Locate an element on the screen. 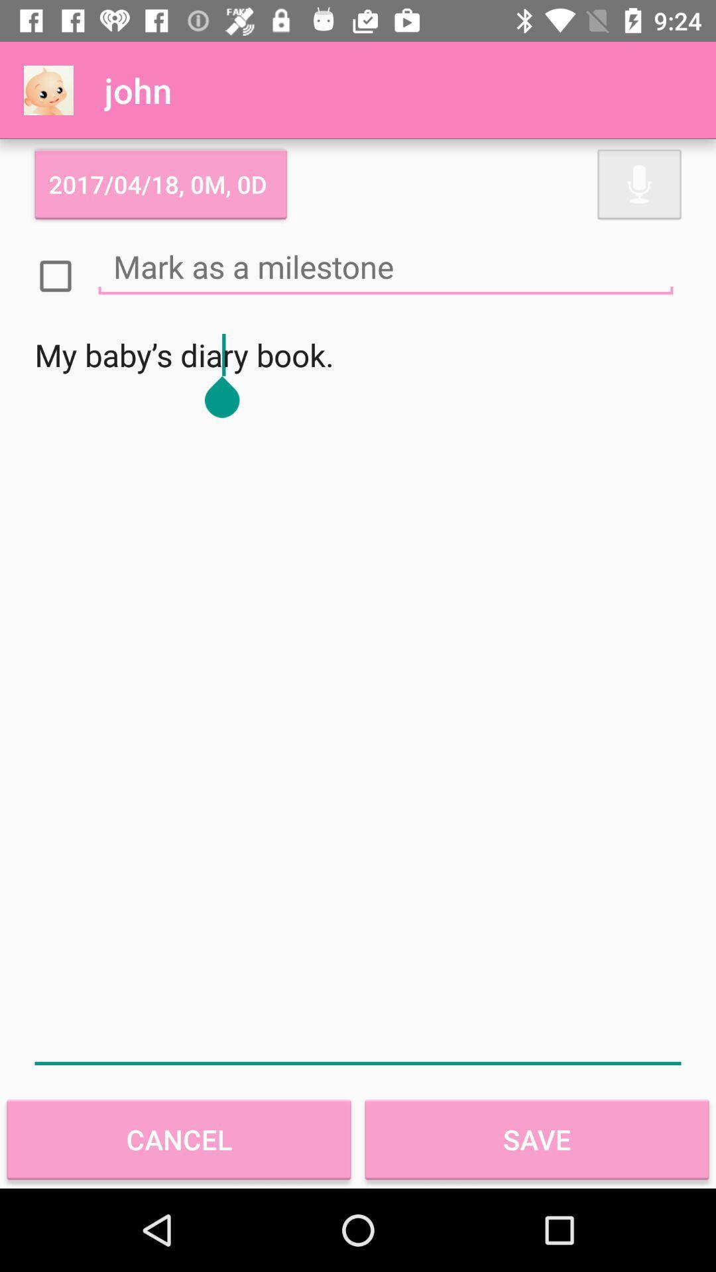 Image resolution: width=716 pixels, height=1272 pixels. box is located at coordinates (55, 276).